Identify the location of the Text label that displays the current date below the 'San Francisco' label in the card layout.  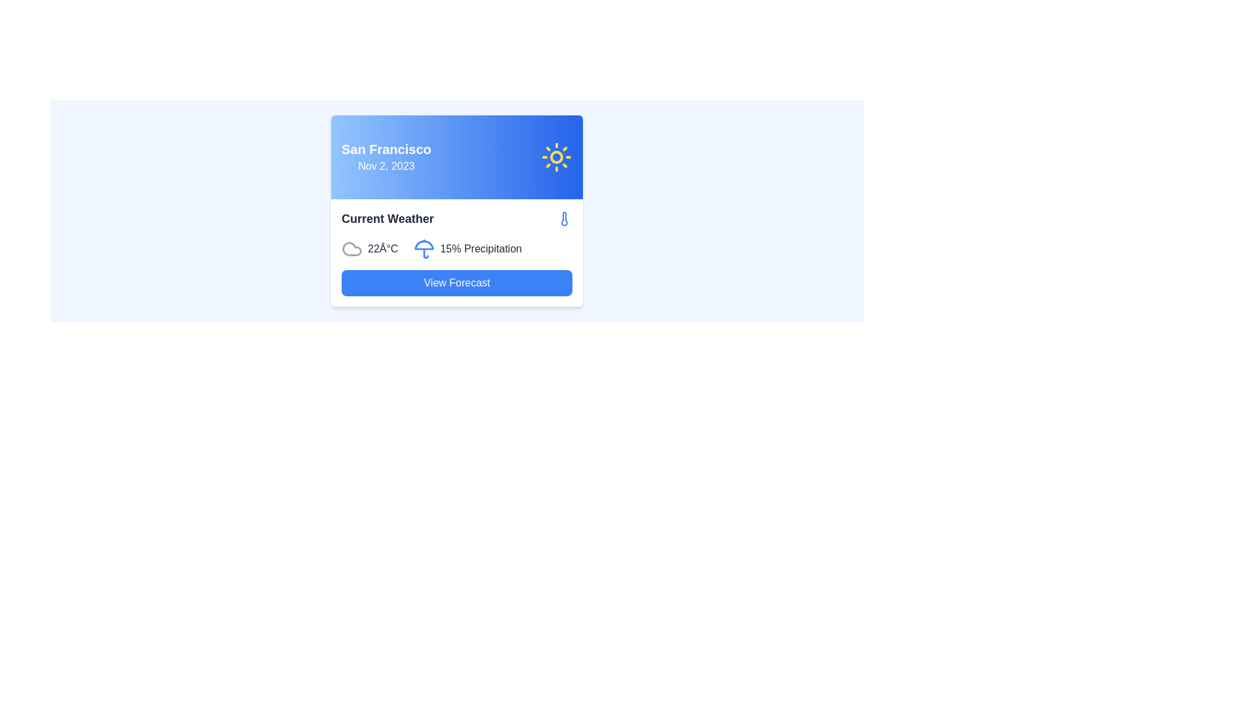
(386, 166).